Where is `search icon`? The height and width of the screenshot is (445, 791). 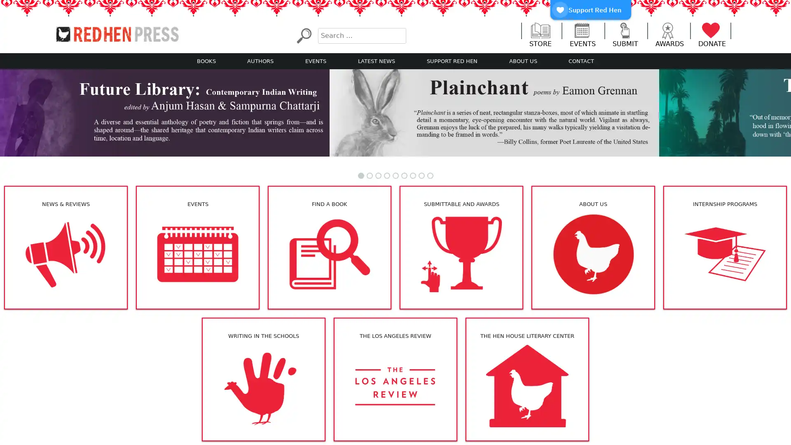
search icon is located at coordinates (303, 35).